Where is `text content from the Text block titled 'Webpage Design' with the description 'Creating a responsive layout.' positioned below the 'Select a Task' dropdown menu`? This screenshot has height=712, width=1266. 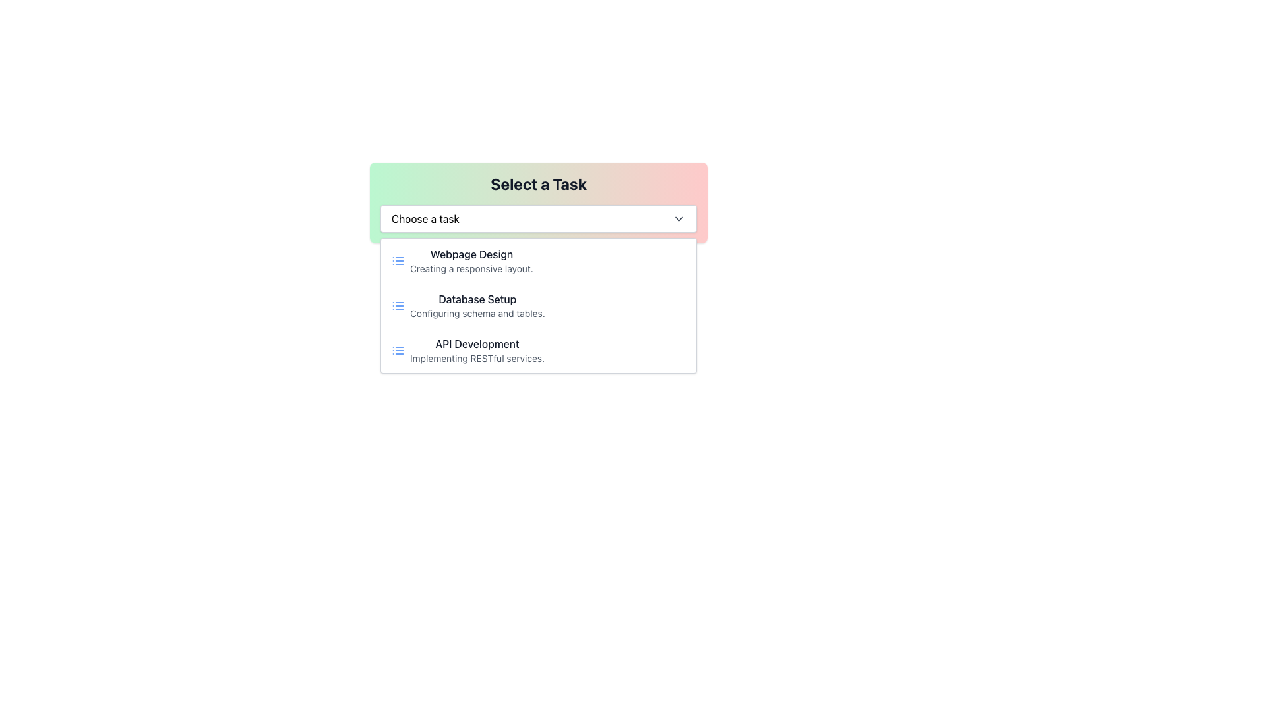 text content from the Text block titled 'Webpage Design' with the description 'Creating a responsive layout.' positioned below the 'Select a Task' dropdown menu is located at coordinates (471, 261).